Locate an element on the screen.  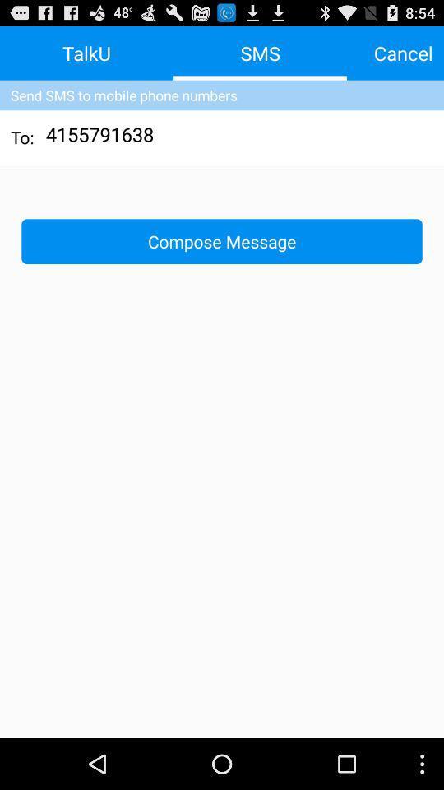
the app to the left of sms app is located at coordinates (86, 53).